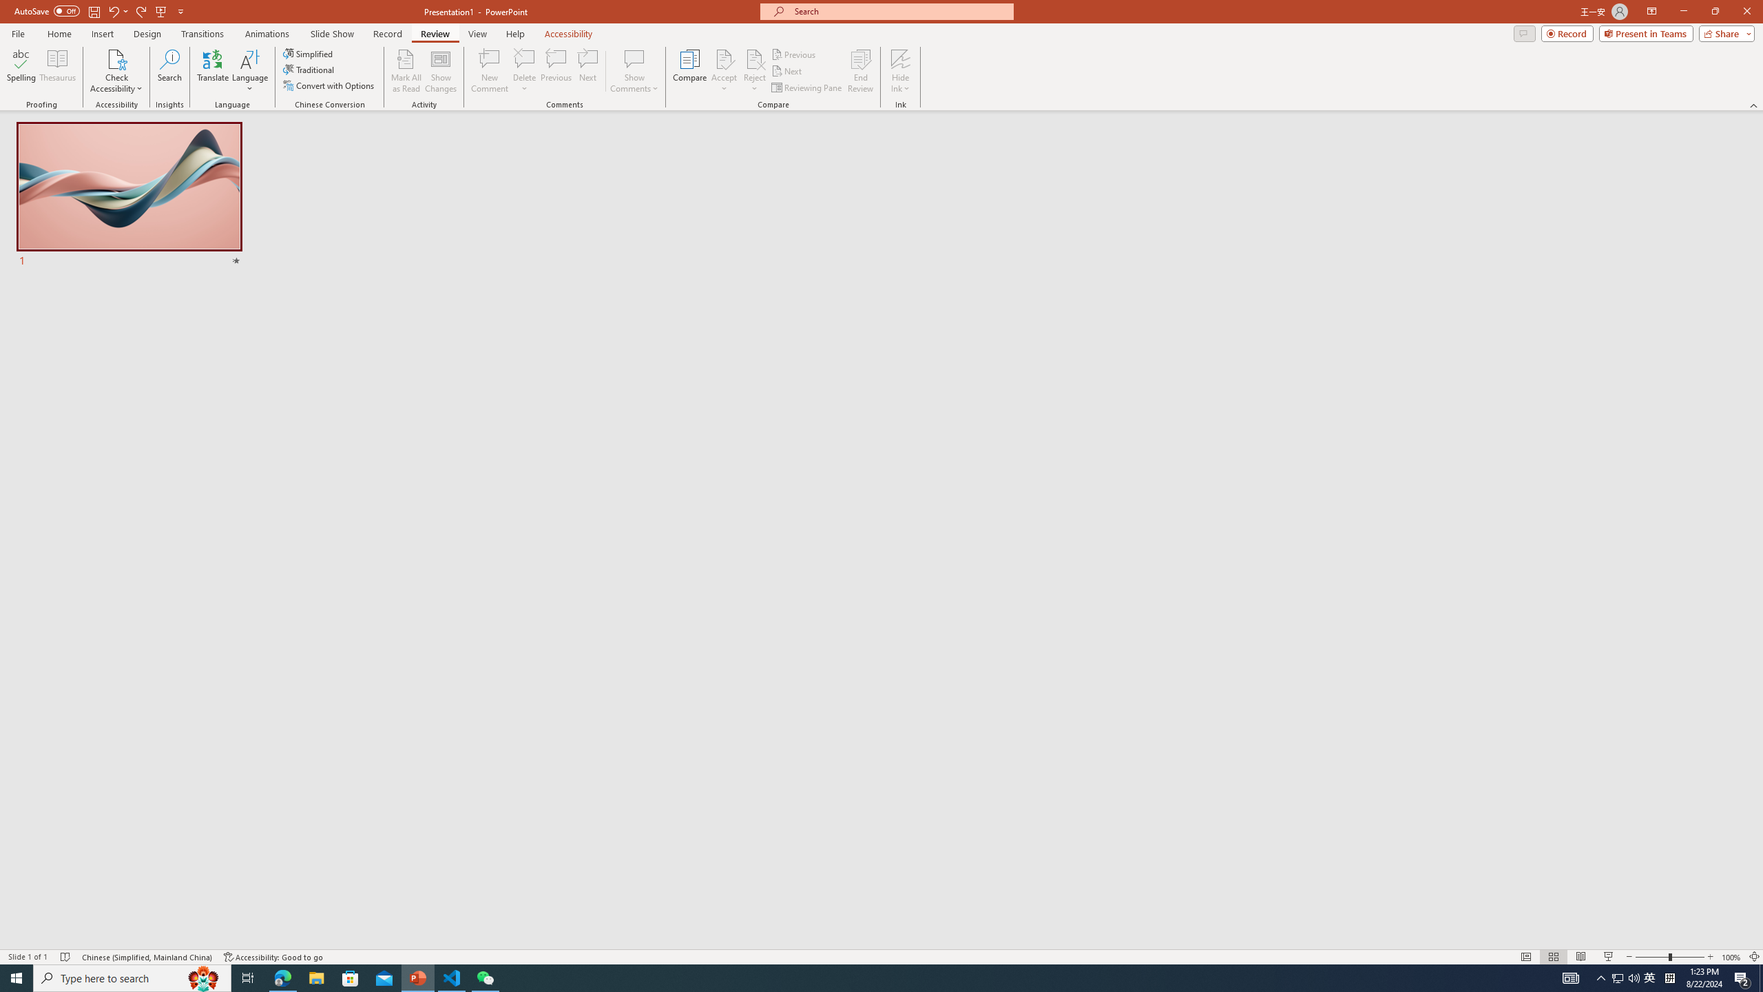  I want to click on 'Reject Change', so click(753, 58).